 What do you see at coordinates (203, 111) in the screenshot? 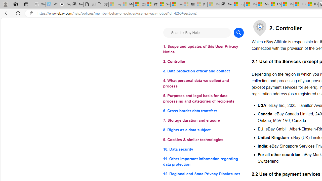
I see `'6. Cross-border data transfers'` at bounding box center [203, 111].